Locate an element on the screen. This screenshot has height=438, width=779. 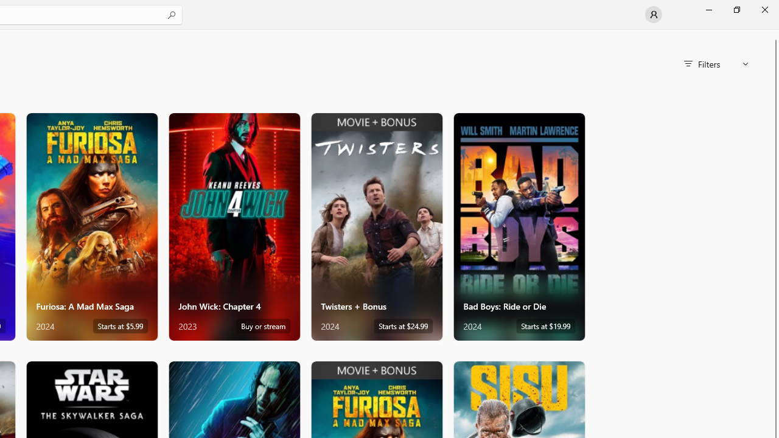
'Close Microsoft Store' is located at coordinates (764, 9).